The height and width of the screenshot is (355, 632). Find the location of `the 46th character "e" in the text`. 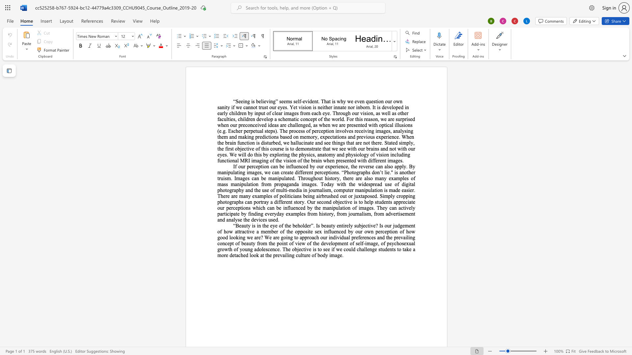

the 46th character "e" in the text is located at coordinates (264, 249).